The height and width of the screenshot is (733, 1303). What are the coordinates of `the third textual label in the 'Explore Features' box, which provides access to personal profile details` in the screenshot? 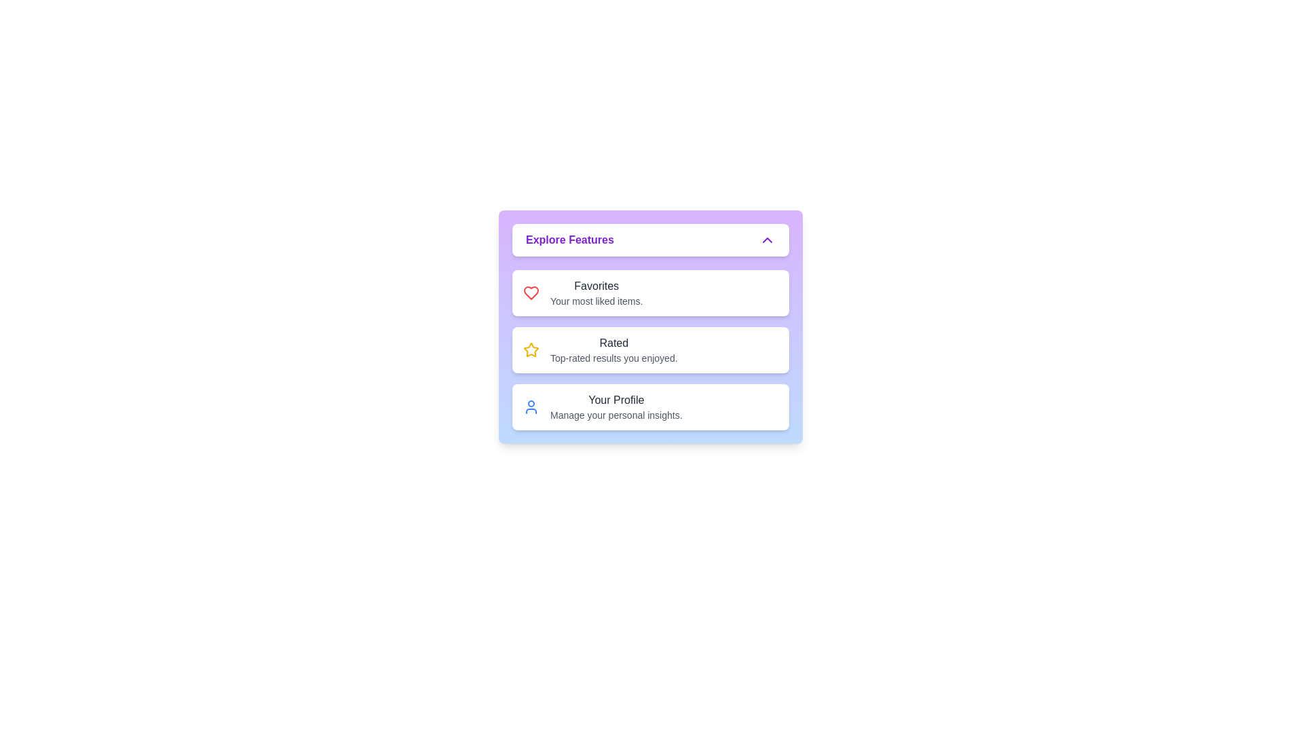 It's located at (616, 407).